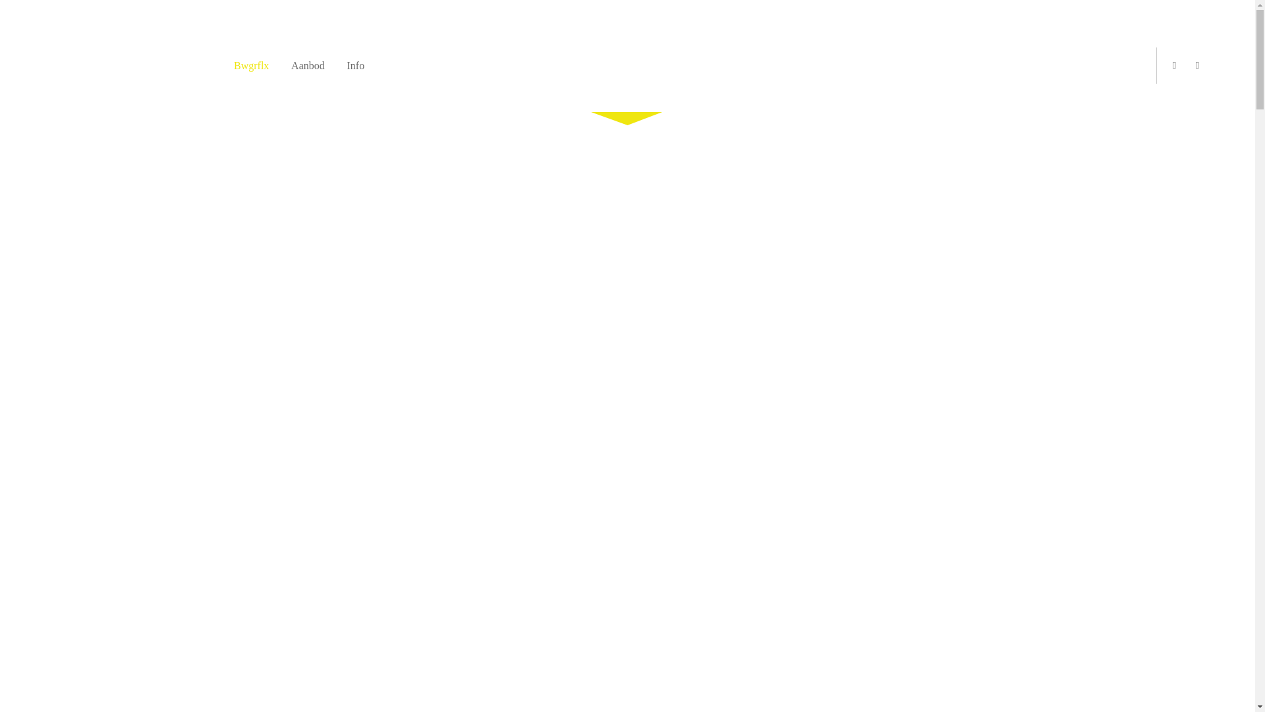 Image resolution: width=1265 pixels, height=712 pixels. I want to click on 'Info', so click(355, 65).